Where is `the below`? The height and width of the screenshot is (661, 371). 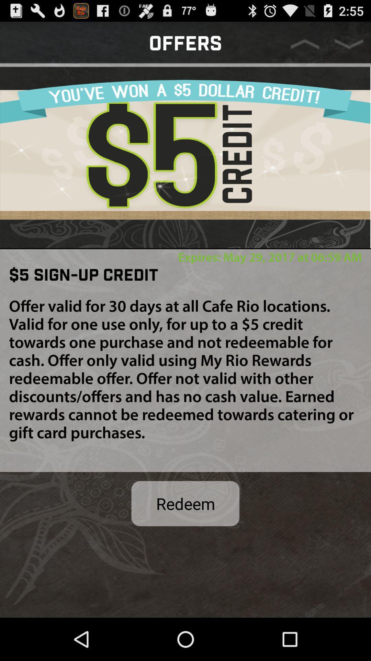 the below is located at coordinates (349, 44).